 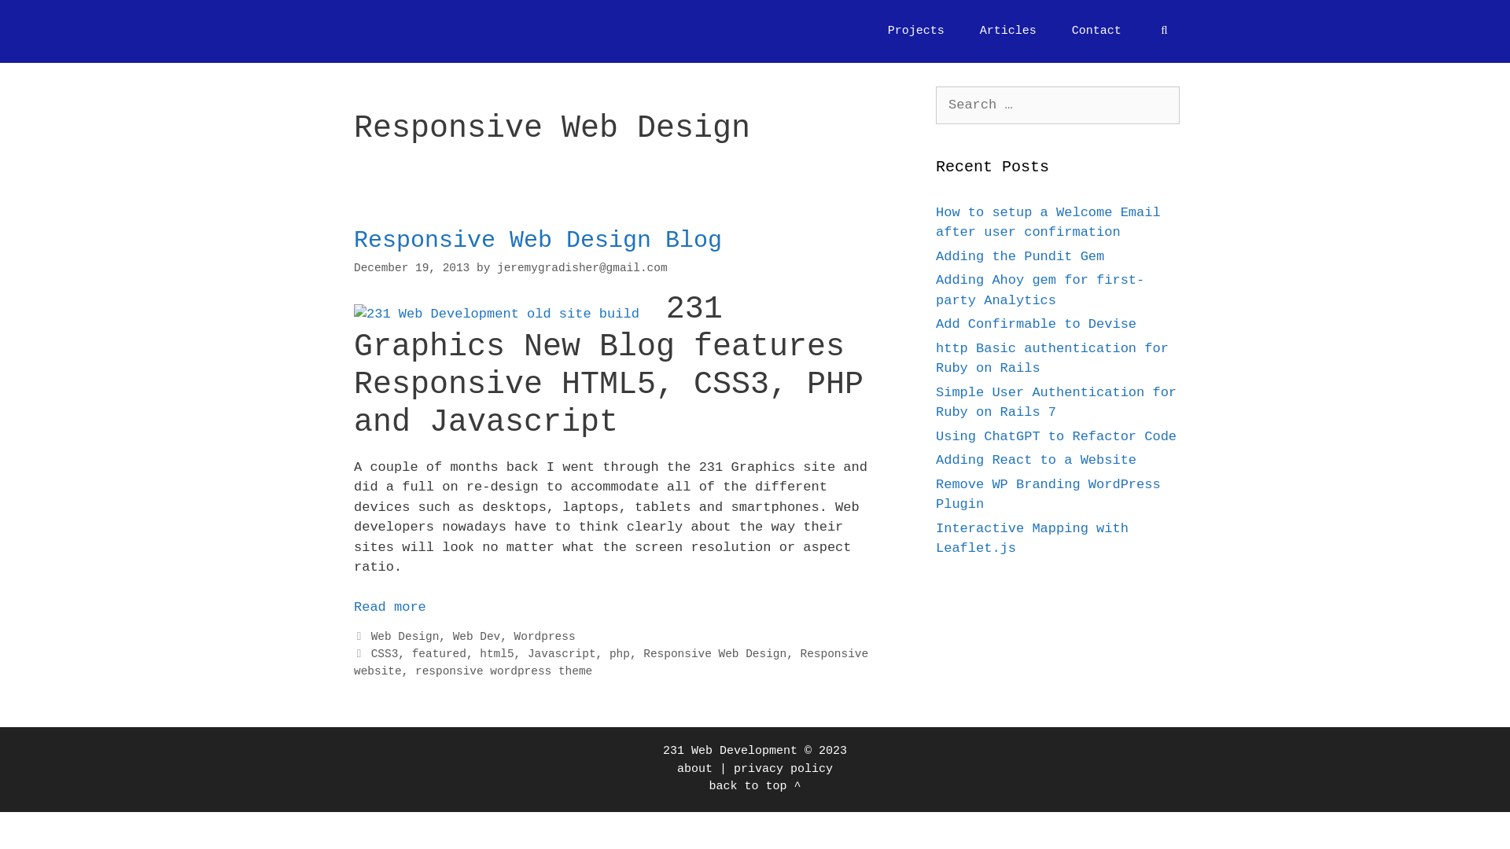 I want to click on 'Wordpress', so click(x=544, y=637).